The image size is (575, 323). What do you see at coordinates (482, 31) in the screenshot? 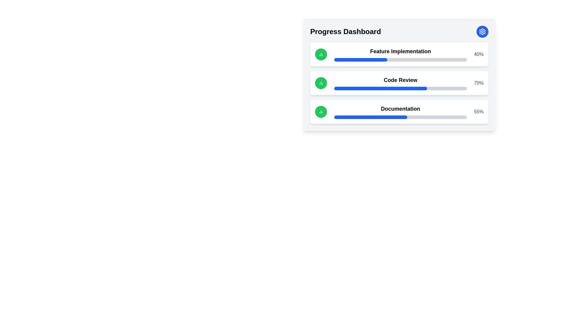
I see `the gear-shaped icon button with a blue background and white outlines located at the top-right corner of the 'Progress Dashboard'` at bounding box center [482, 31].